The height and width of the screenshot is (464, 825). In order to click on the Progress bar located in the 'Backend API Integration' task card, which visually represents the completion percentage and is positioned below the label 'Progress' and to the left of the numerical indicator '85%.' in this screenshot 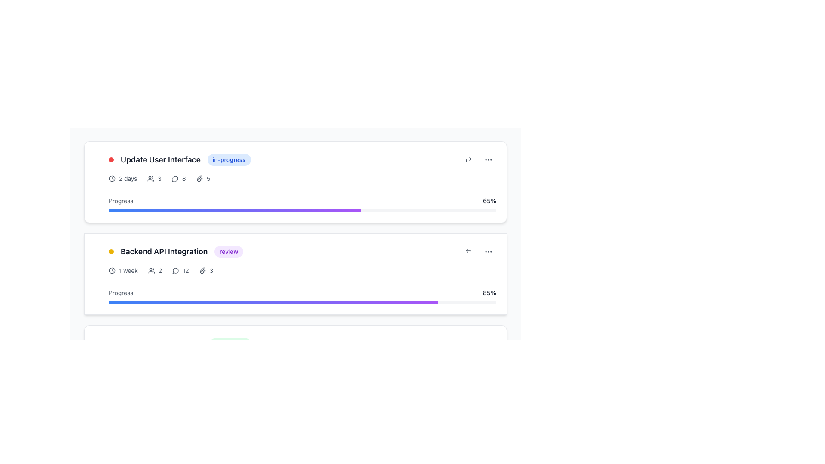, I will do `click(302, 302)`.